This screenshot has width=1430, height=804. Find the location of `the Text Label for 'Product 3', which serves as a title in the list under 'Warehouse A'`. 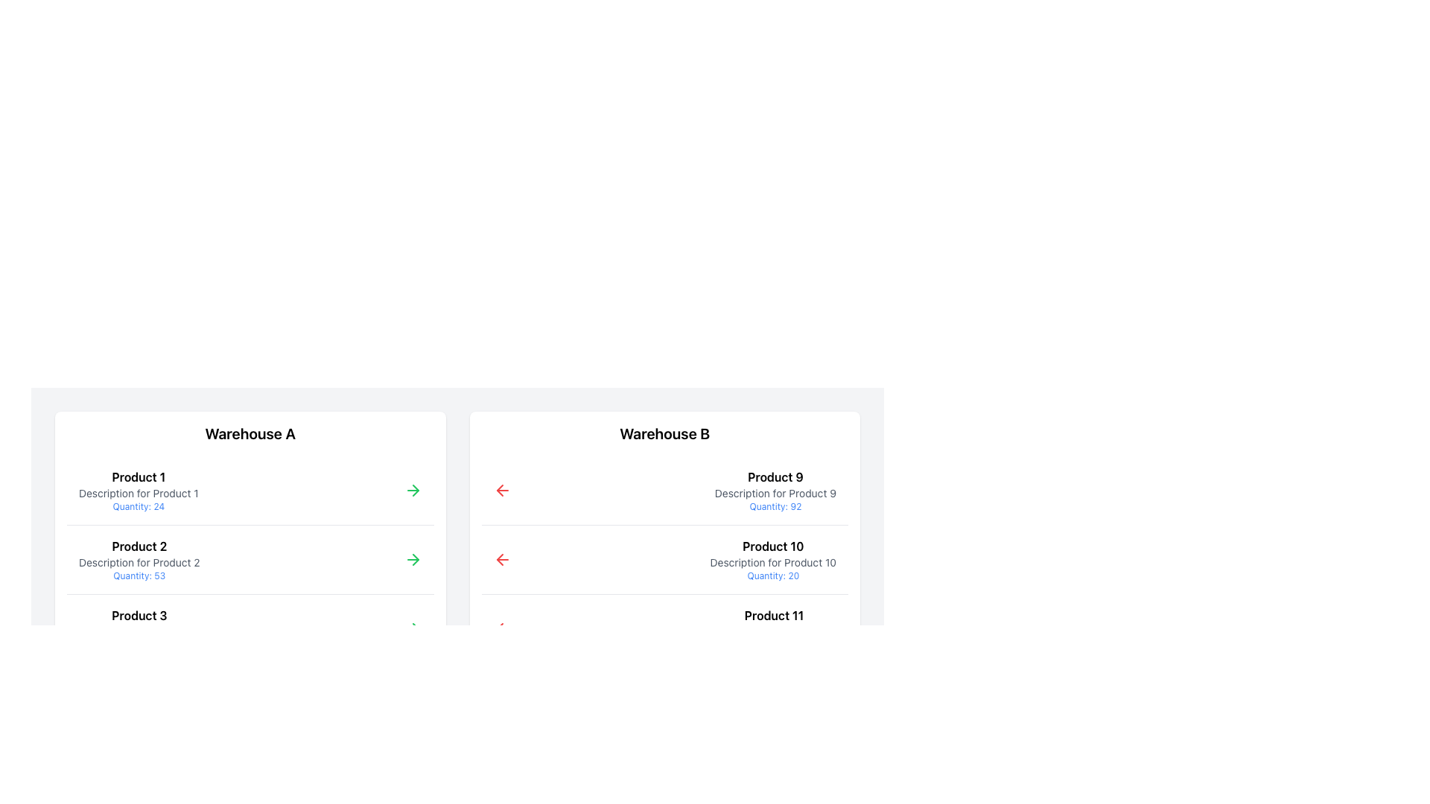

the Text Label for 'Product 3', which serves as a title in the list under 'Warehouse A' is located at coordinates (139, 615).